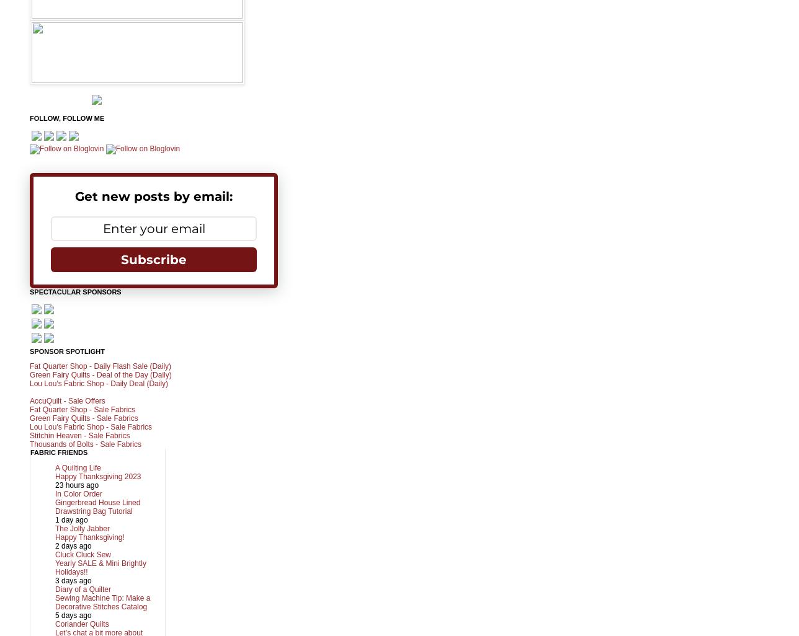  What do you see at coordinates (89, 537) in the screenshot?
I see `'Happy Thanksgiving!'` at bounding box center [89, 537].